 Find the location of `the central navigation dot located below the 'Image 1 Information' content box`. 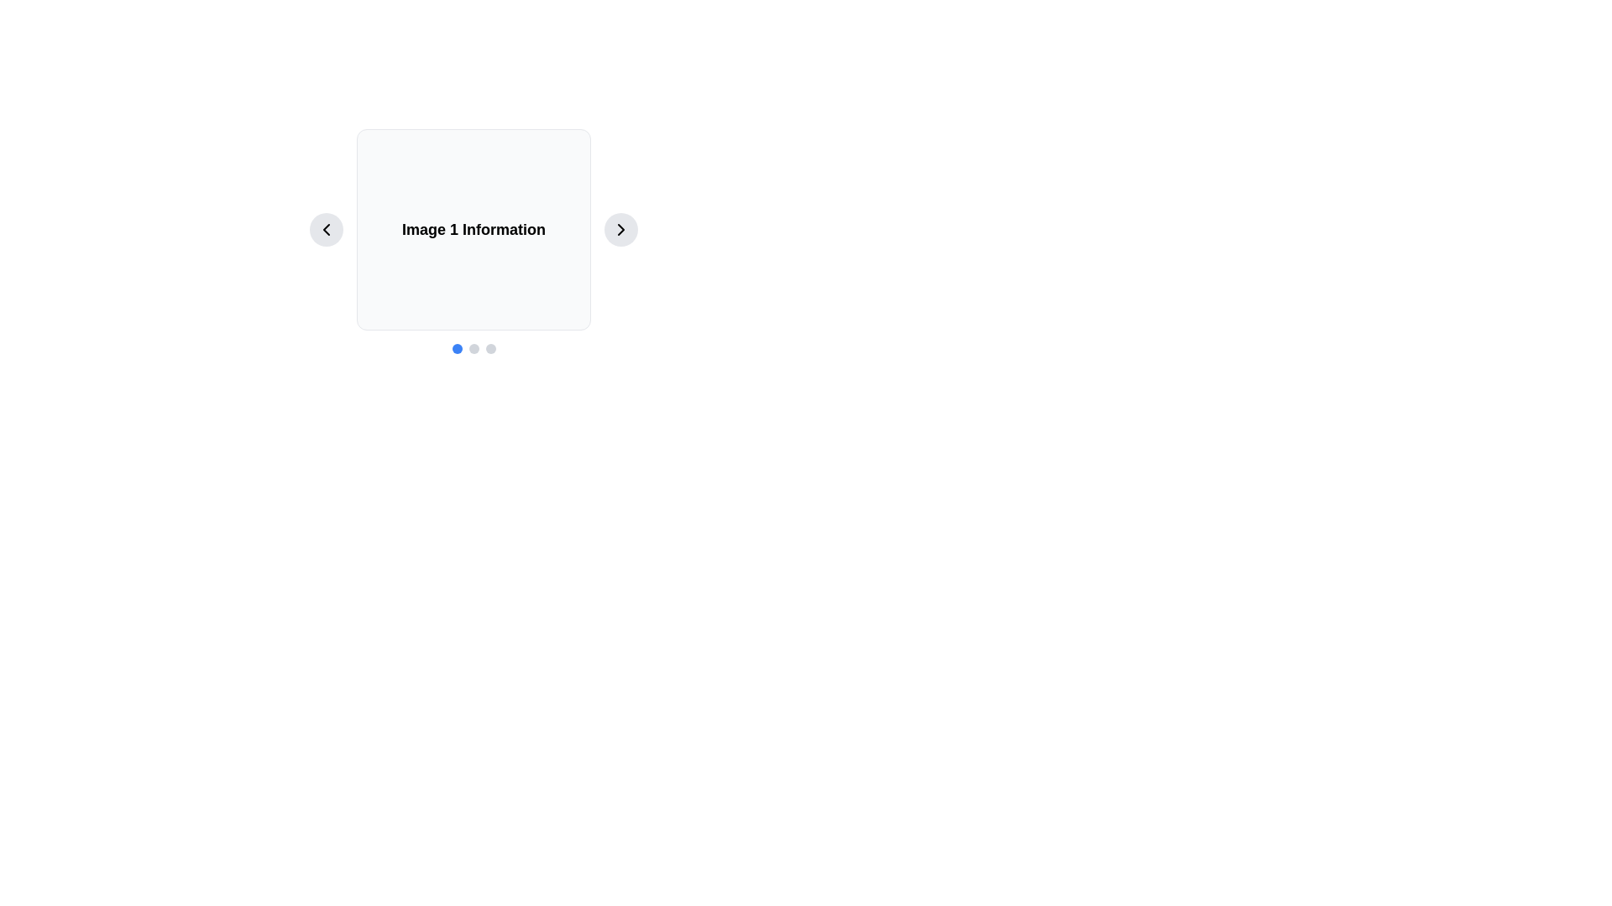

the central navigation dot located below the 'Image 1 Information' content box is located at coordinates (473, 348).